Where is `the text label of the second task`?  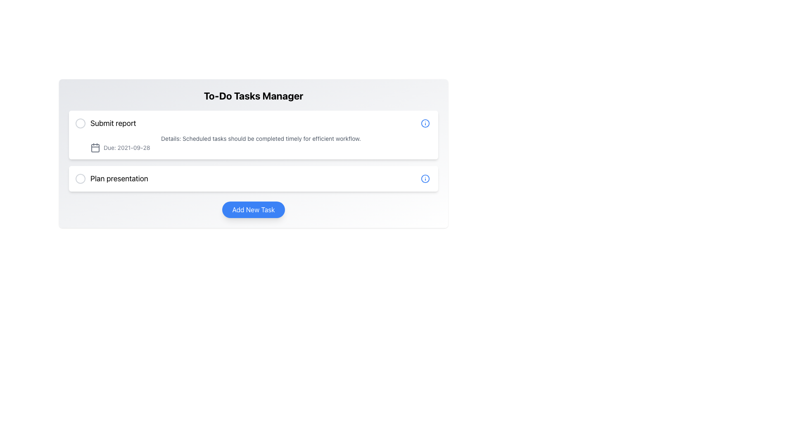
the text label of the second task is located at coordinates (111, 178).